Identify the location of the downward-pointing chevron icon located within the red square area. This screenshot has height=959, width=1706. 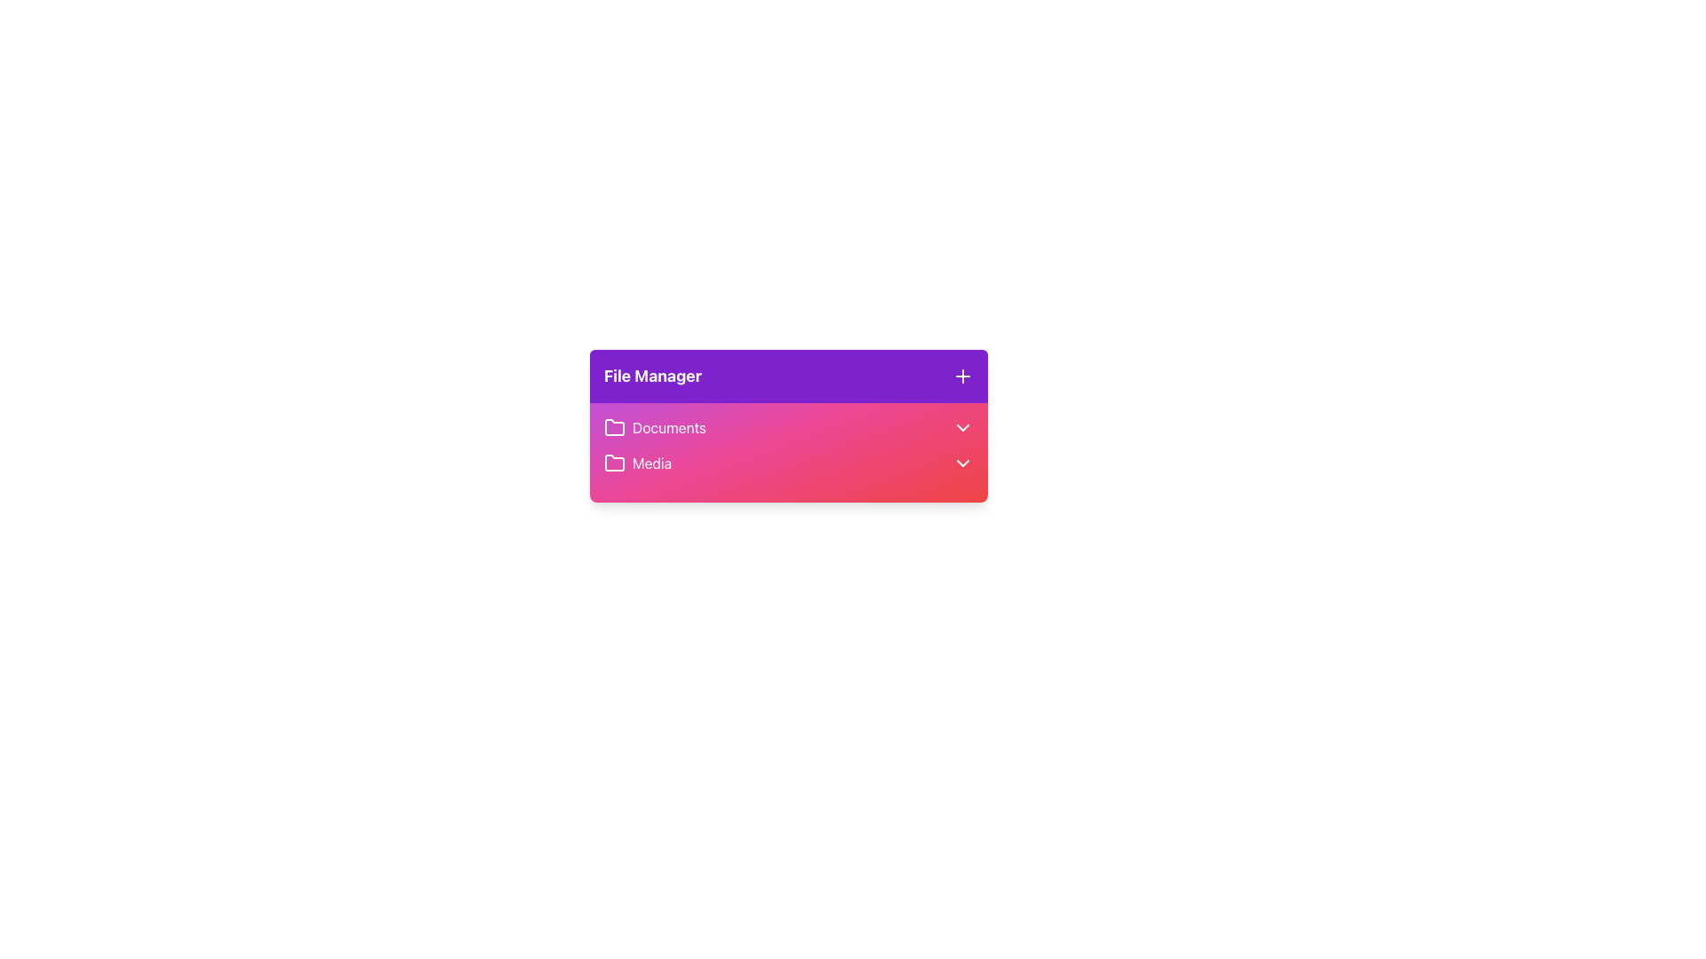
(962, 462).